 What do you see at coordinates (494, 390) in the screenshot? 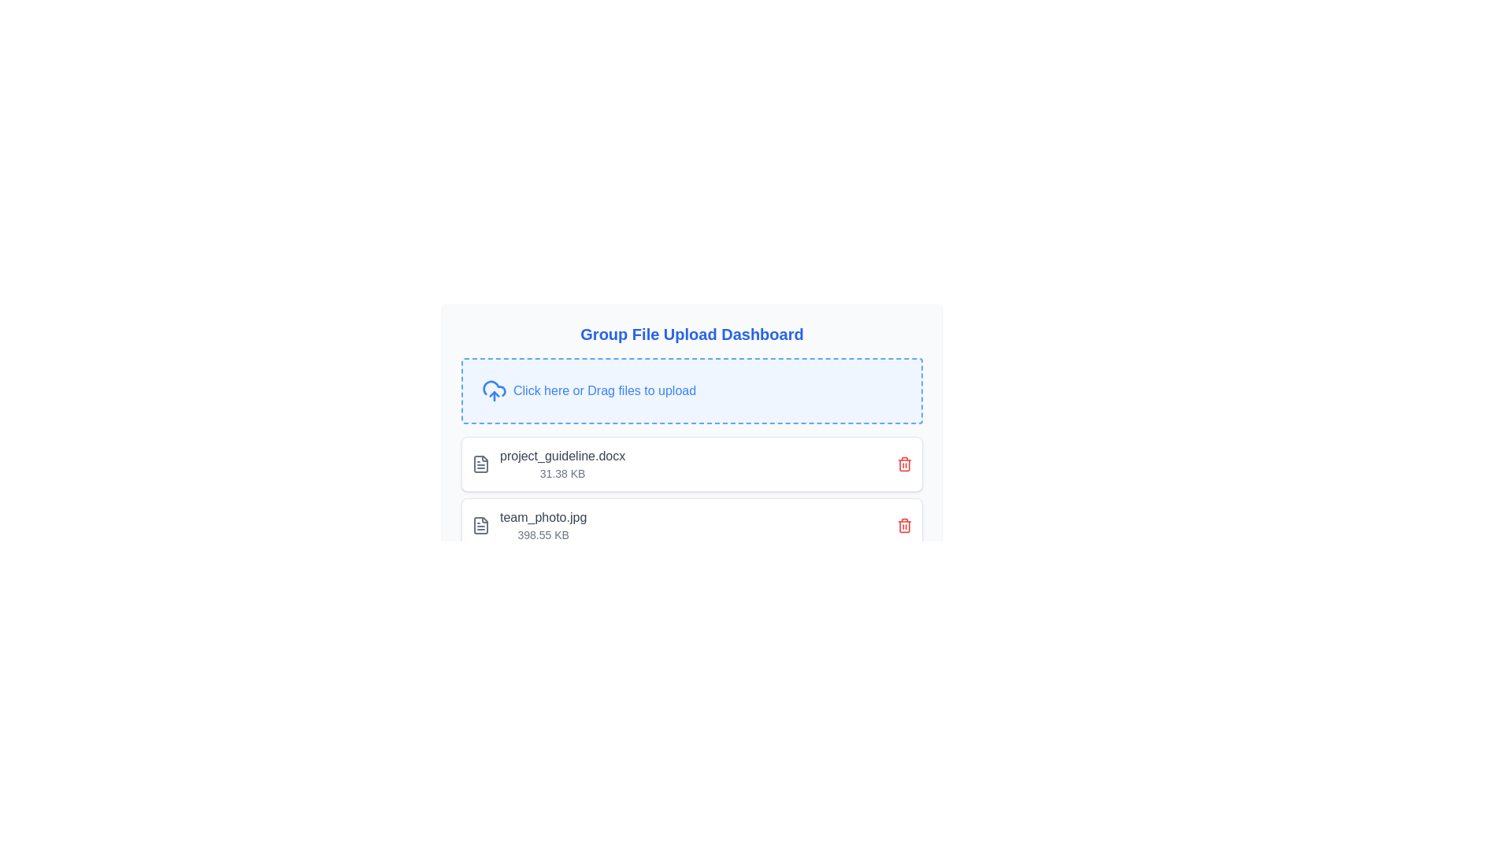
I see `the blue cloud upload icon located to the left of the text 'Click here or Drag files to upload' in the upload section of the dashboard` at bounding box center [494, 390].